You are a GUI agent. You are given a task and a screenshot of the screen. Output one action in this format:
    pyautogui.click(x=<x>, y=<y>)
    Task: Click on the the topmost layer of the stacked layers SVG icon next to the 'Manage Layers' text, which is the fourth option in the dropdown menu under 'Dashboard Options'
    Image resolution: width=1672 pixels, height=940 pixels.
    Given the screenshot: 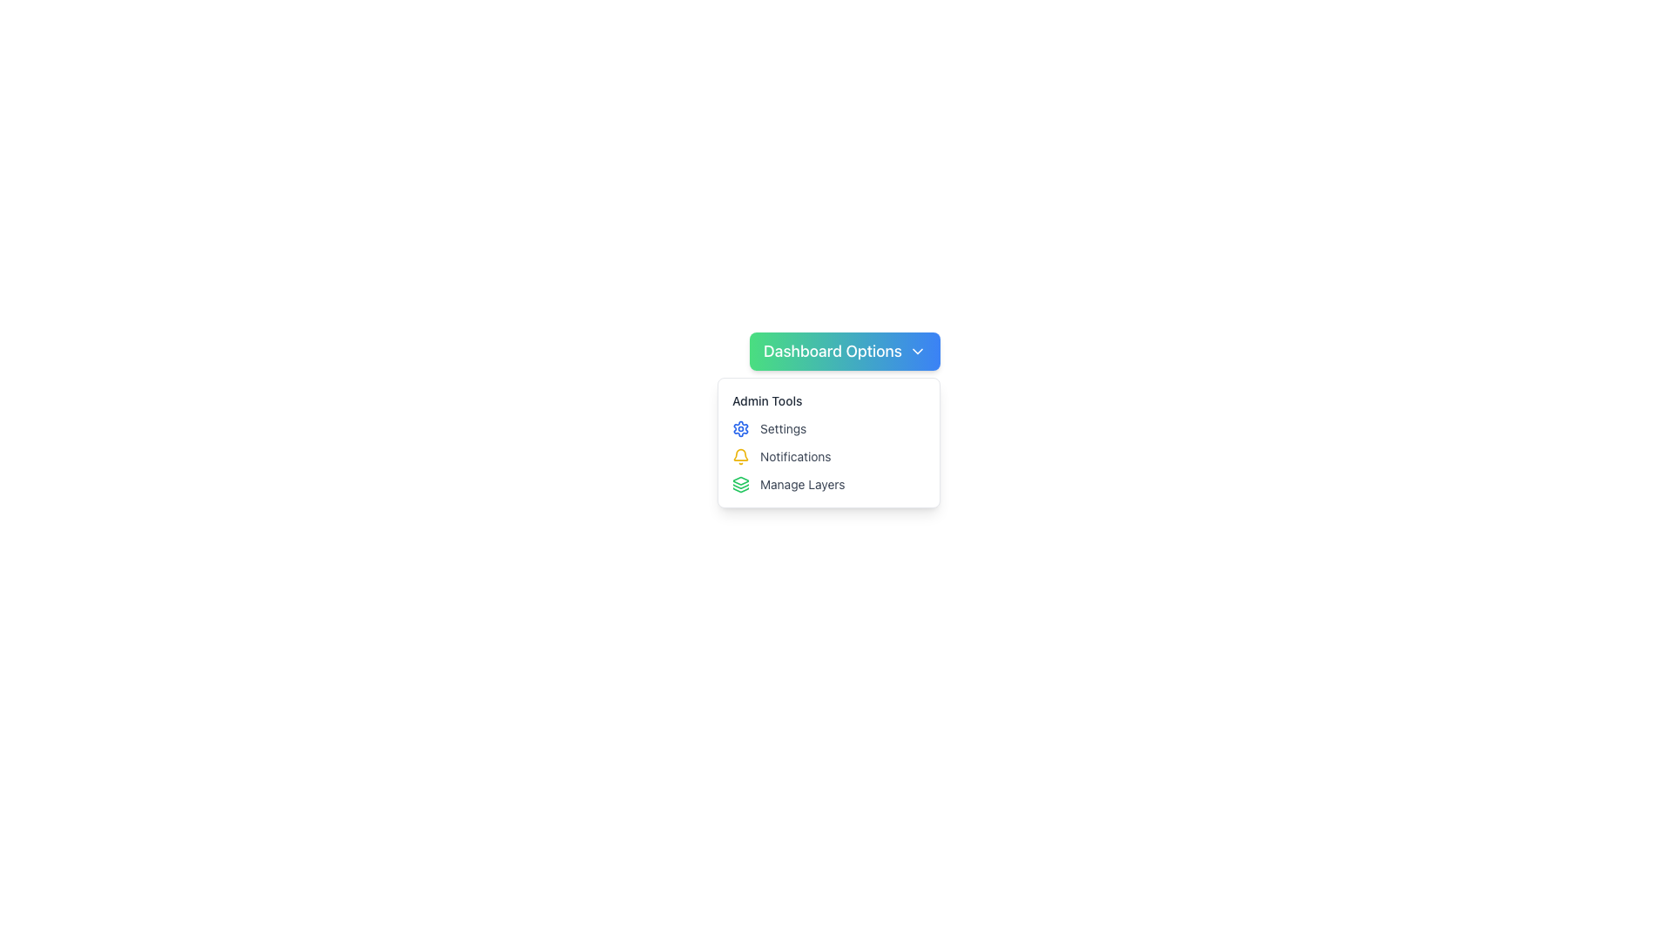 What is the action you would take?
    pyautogui.click(x=740, y=480)
    